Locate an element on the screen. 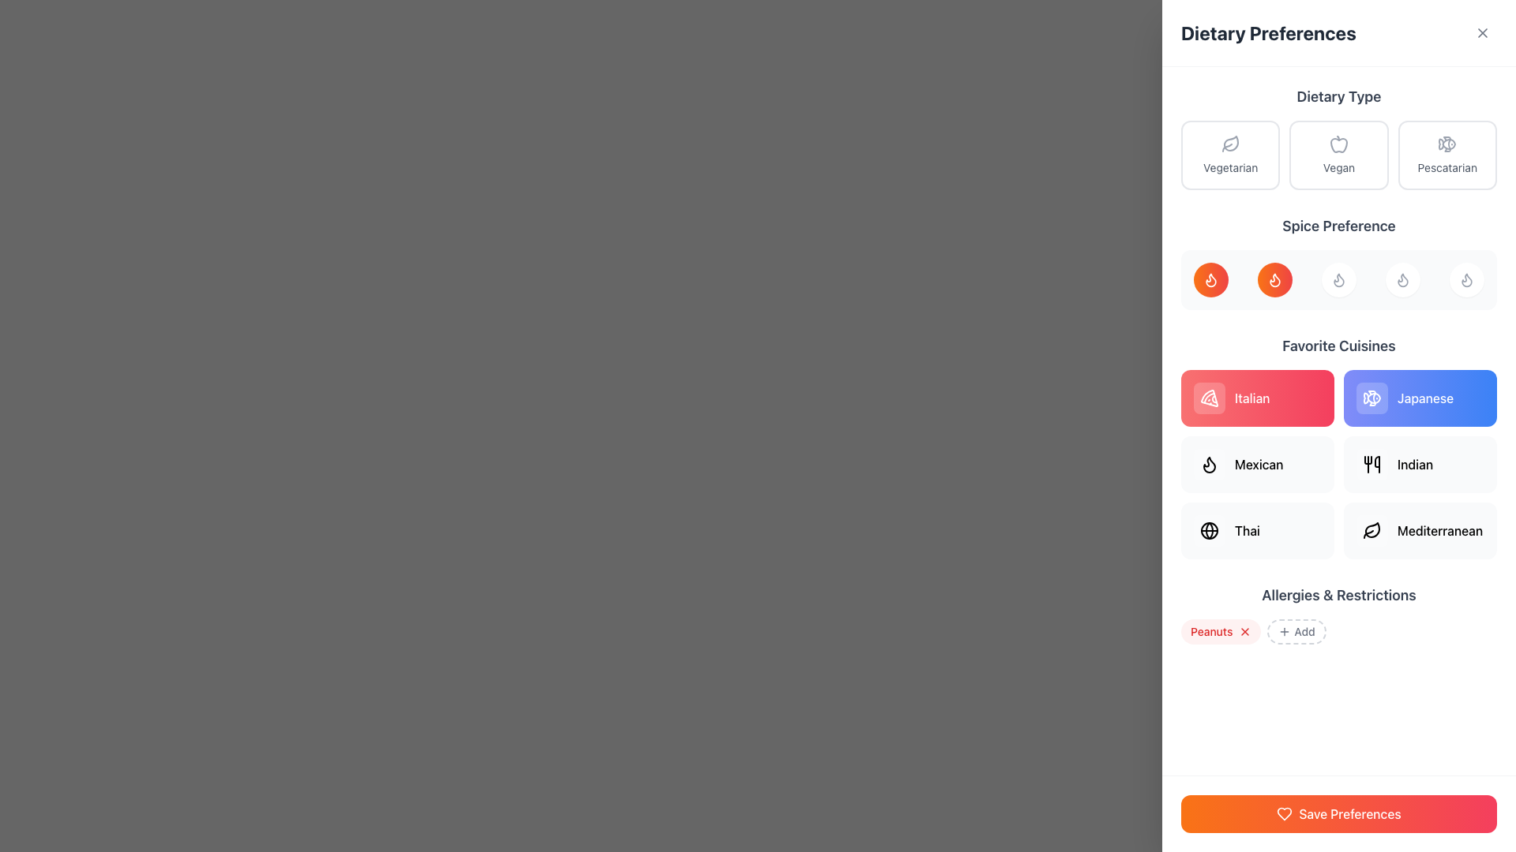 Image resolution: width=1516 pixels, height=852 pixels. the spice level selection button, which is the third button from the left under the 'Spice Preference' header in the dietary preferences form modal is located at coordinates (1338, 278).